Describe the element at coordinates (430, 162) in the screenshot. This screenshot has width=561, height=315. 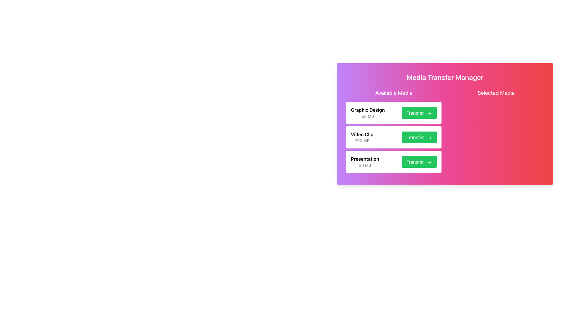
I see `the right arrow icon within the green 'Transfer' button, which is located in the third row of a vertical list of buttons associated with the 'Presentation' item` at that location.